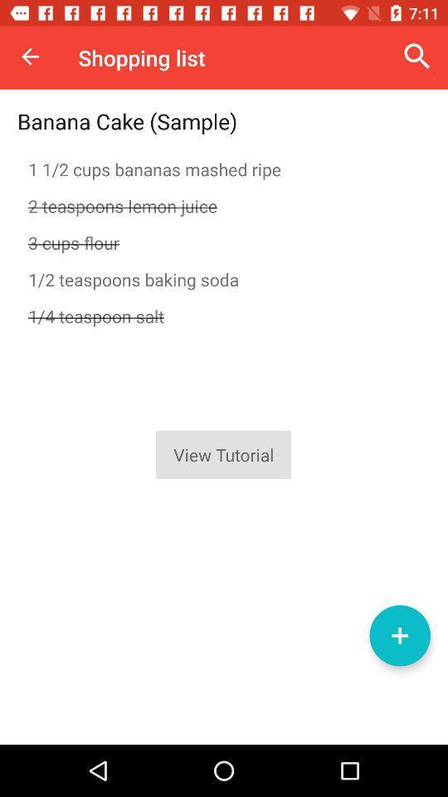 The width and height of the screenshot is (448, 797). I want to click on the icon below the 1 4 teaspoon item, so click(399, 634).